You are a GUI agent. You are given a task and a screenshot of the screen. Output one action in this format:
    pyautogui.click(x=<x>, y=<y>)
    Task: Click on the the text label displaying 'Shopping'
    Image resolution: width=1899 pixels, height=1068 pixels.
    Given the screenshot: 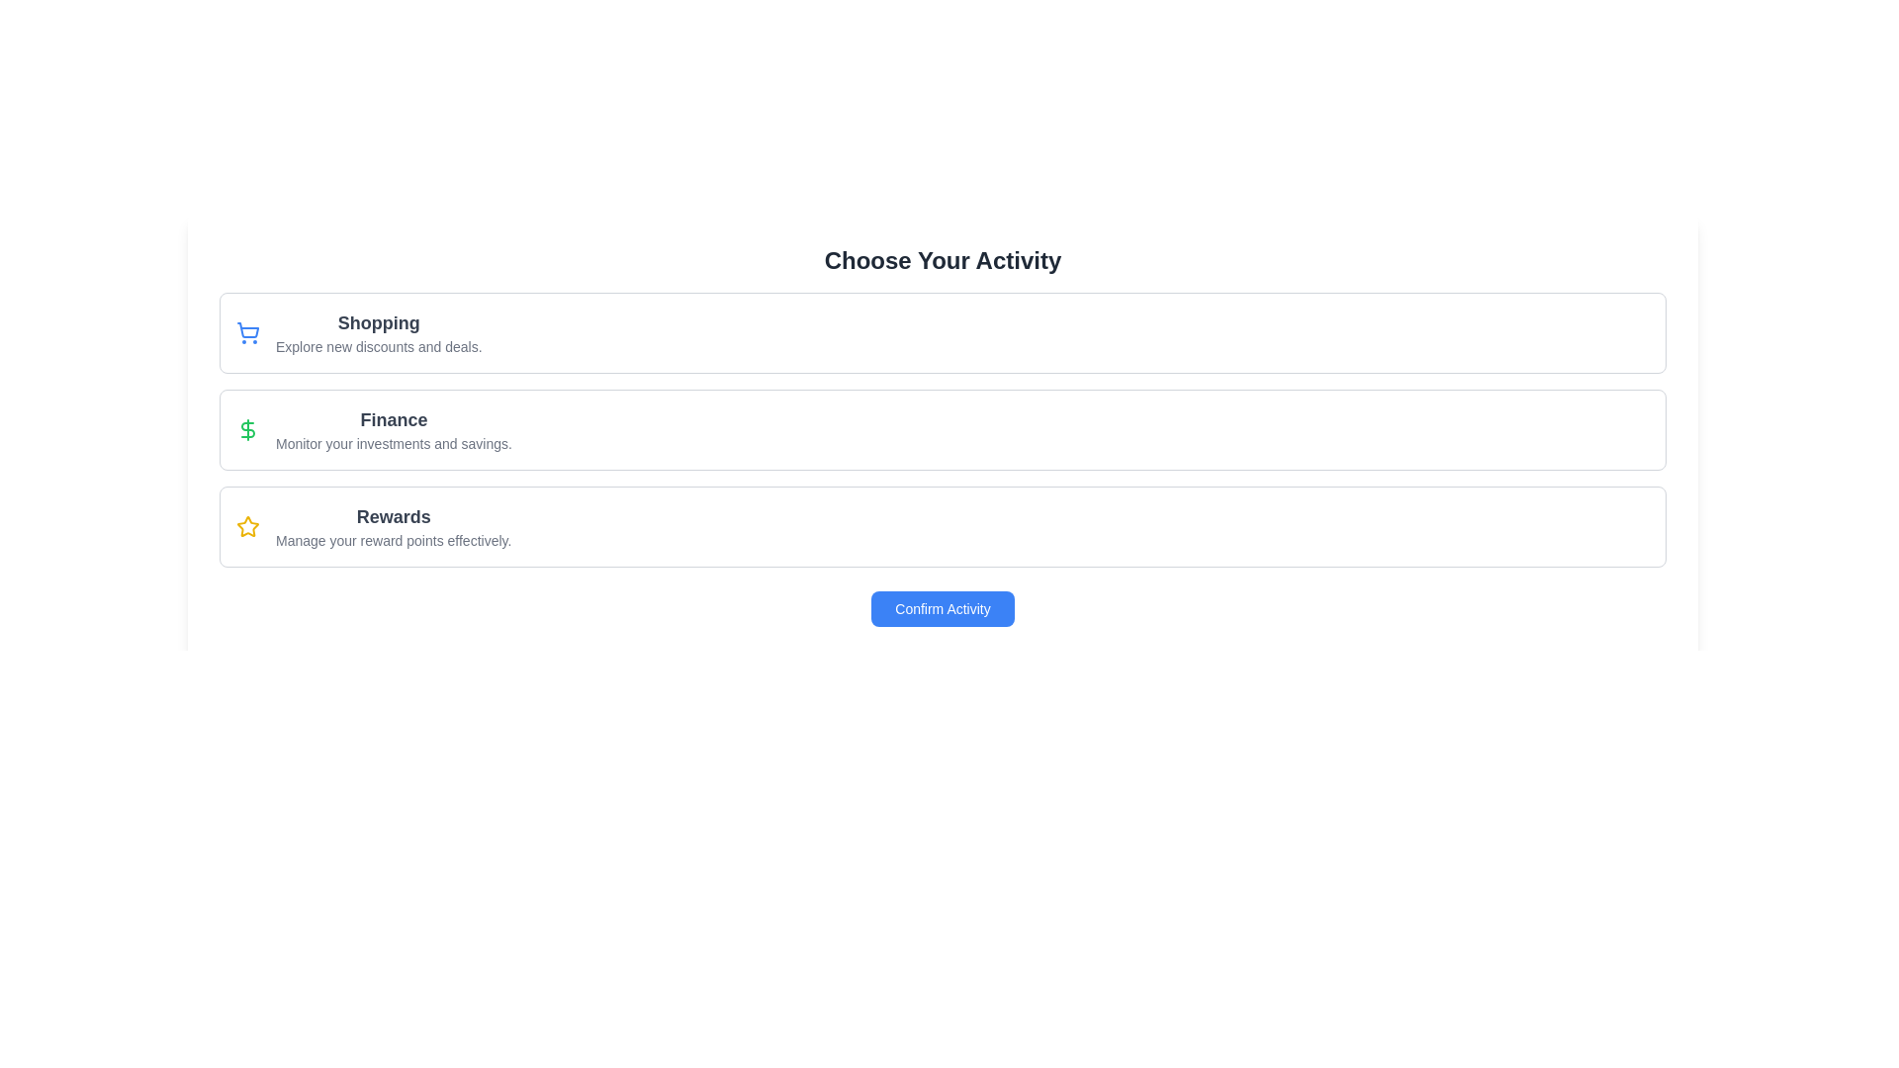 What is the action you would take?
    pyautogui.click(x=379, y=322)
    